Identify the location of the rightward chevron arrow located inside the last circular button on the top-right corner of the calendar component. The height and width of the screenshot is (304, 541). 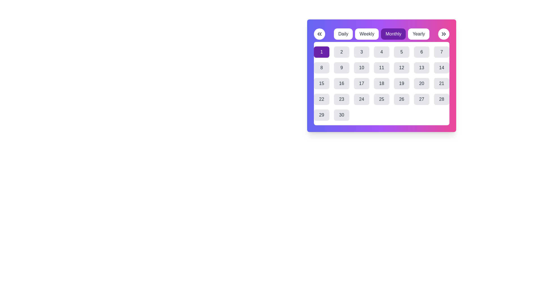
(444, 34).